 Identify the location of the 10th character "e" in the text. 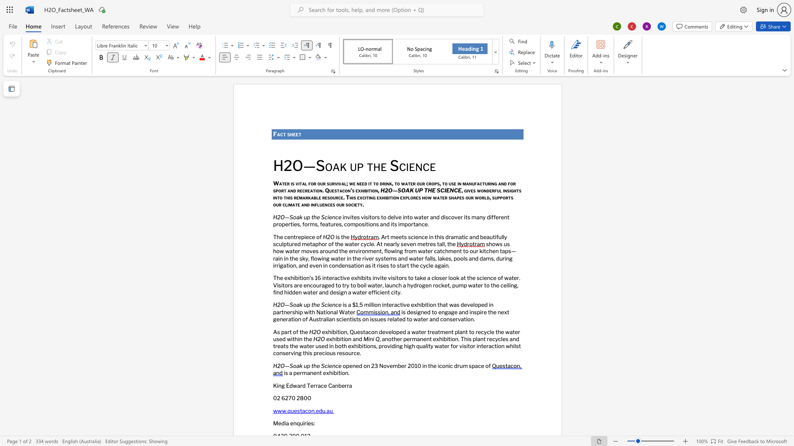
(417, 197).